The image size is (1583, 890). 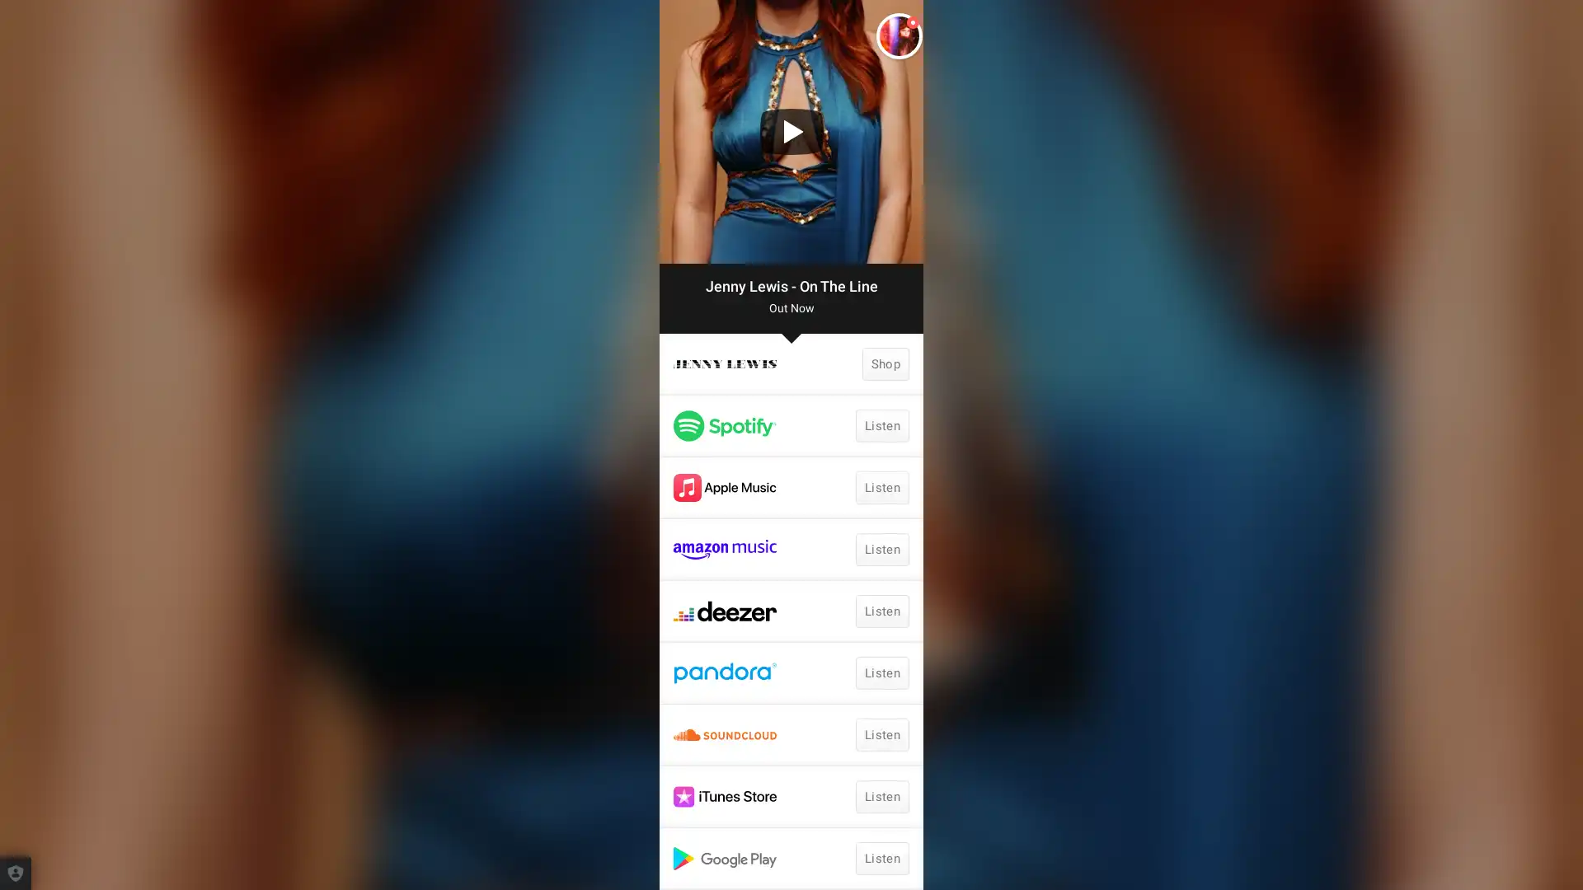 What do you see at coordinates (881, 486) in the screenshot?
I see `Listen` at bounding box center [881, 486].